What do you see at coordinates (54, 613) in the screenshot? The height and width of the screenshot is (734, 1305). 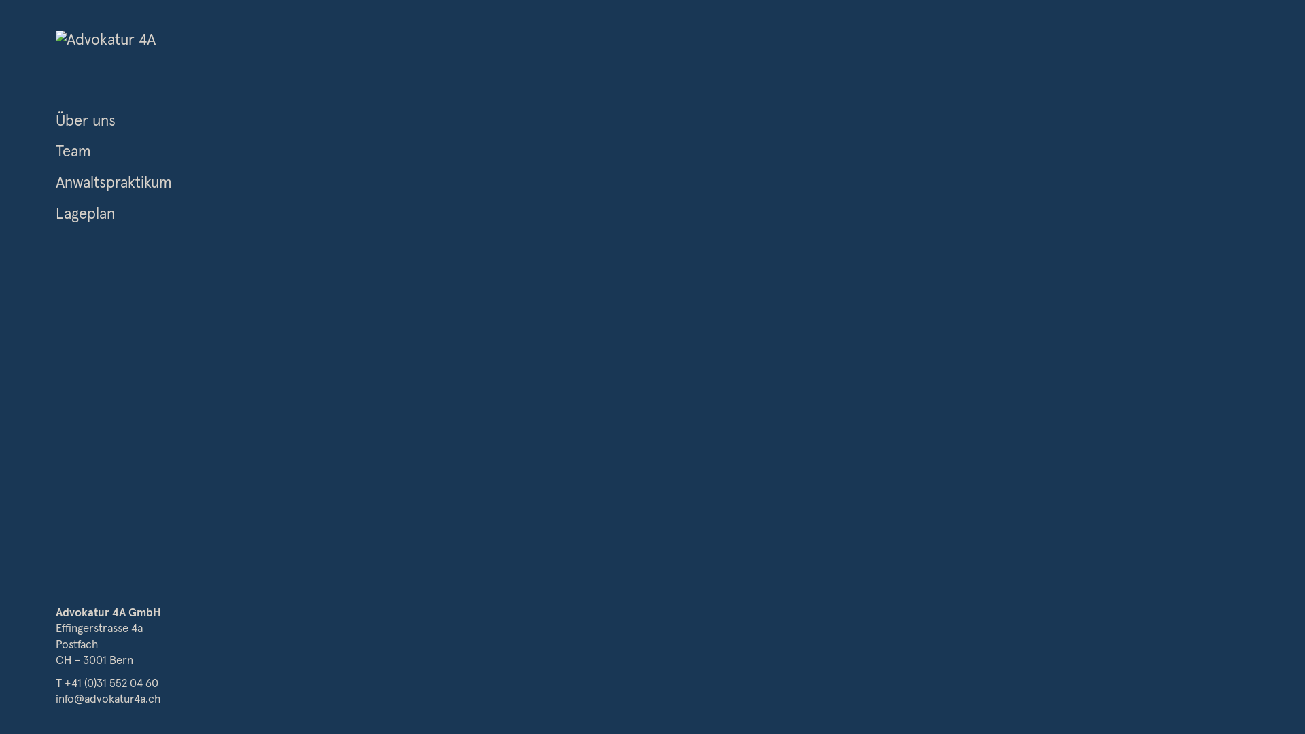 I see `'Advokatur 4A GmbH'` at bounding box center [54, 613].